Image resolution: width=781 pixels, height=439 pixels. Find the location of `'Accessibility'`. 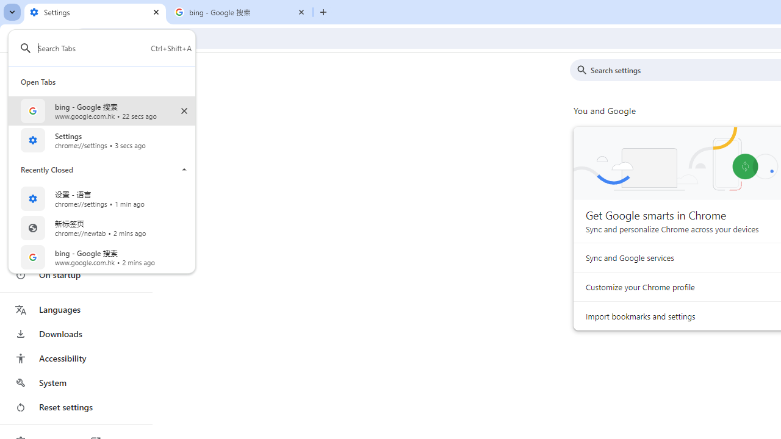

'Accessibility' is located at coordinates (75, 357).